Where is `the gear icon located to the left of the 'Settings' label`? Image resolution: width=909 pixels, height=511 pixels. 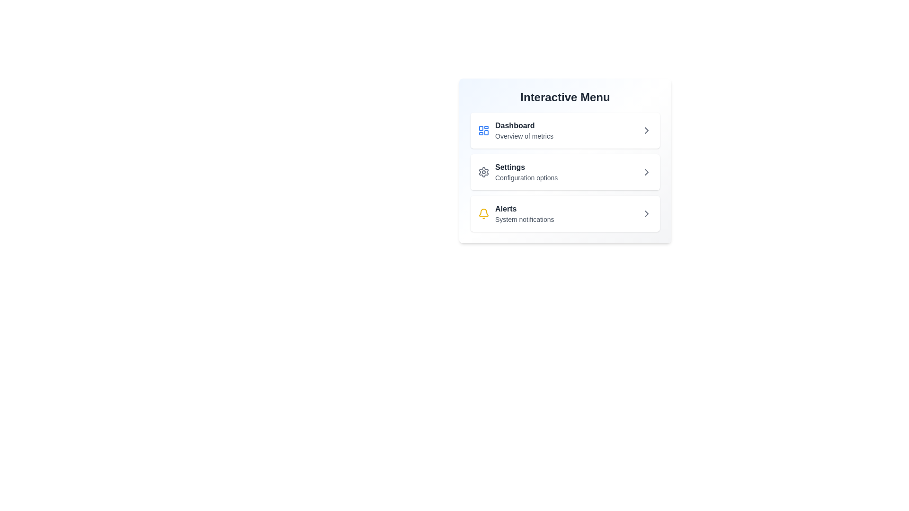 the gear icon located to the left of the 'Settings' label is located at coordinates (484, 172).